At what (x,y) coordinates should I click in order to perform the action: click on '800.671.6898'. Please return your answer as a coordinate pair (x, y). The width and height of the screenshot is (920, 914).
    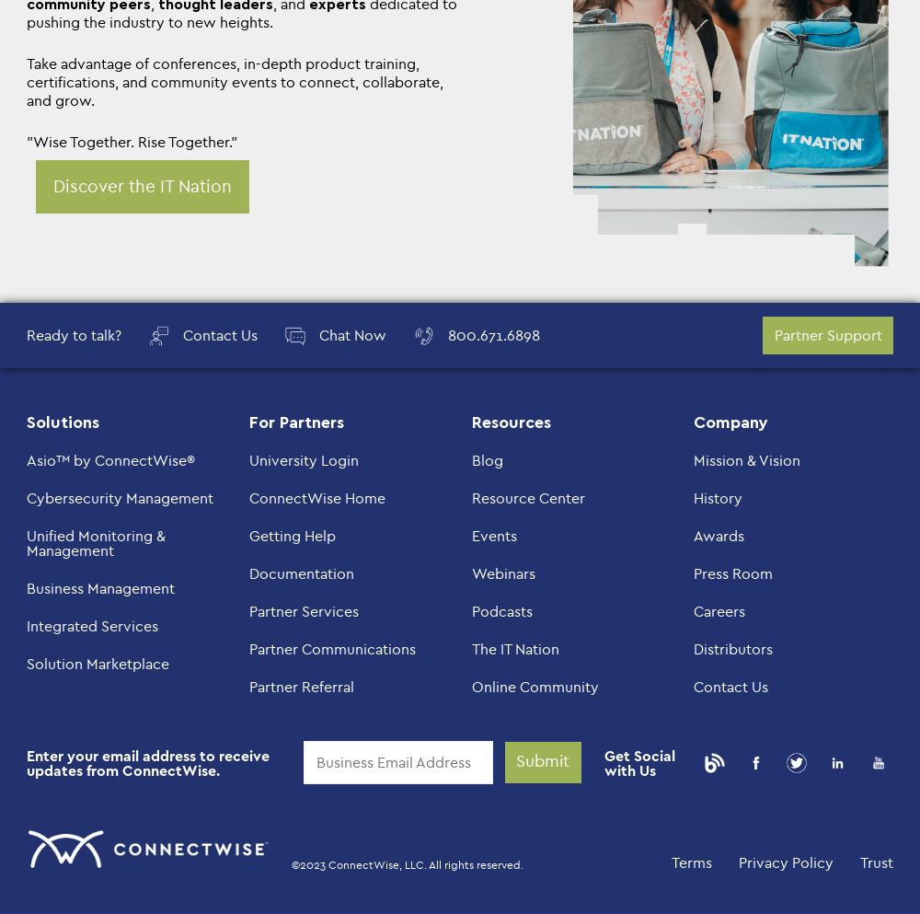
    Looking at the image, I should click on (447, 334).